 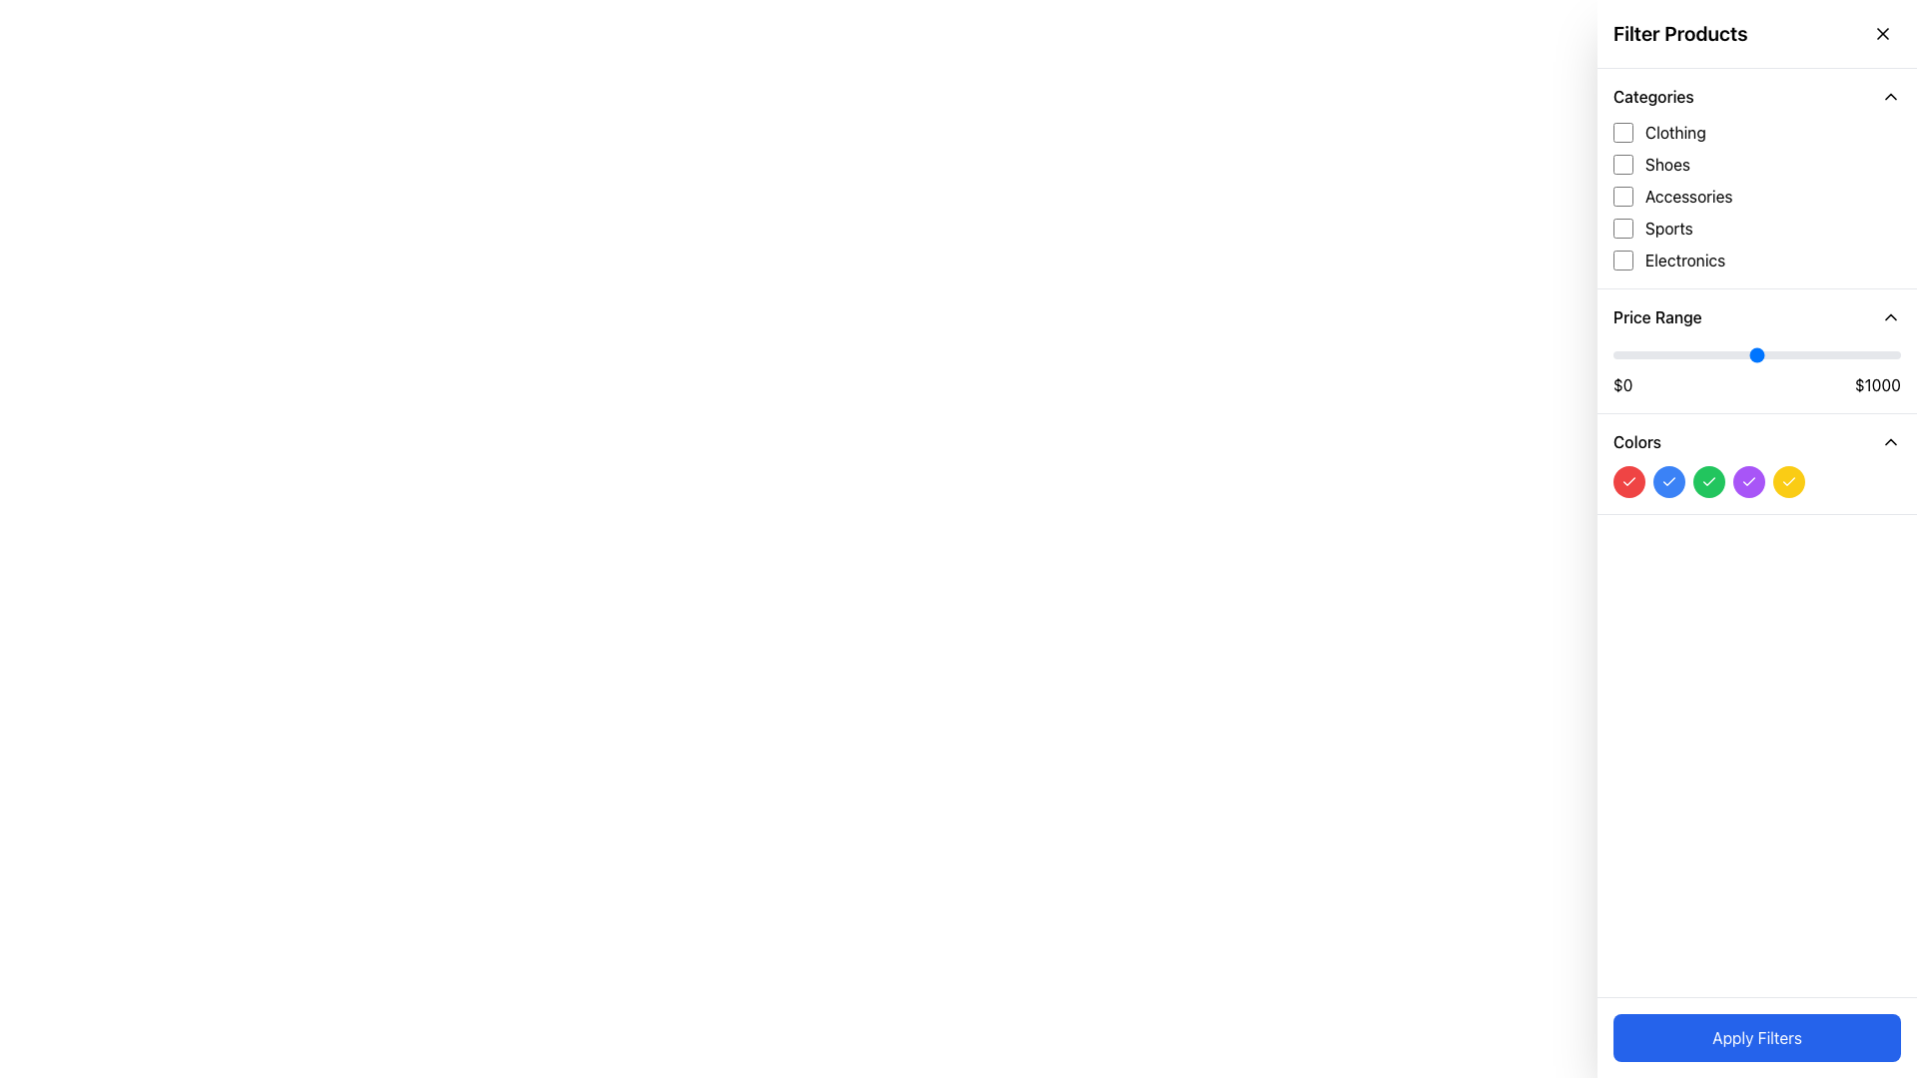 What do you see at coordinates (1684, 260) in the screenshot?
I see `the 'Electronics' label, which is positioned to the right of a checkbox in the fifth row of the 'Categories' section in the filter menu` at bounding box center [1684, 260].